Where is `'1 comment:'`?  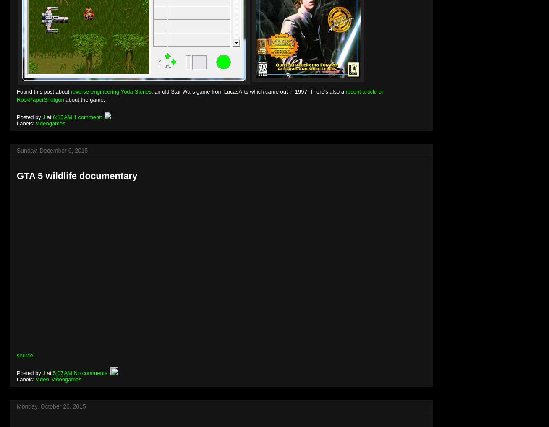
'1 comment:' is located at coordinates (88, 117).